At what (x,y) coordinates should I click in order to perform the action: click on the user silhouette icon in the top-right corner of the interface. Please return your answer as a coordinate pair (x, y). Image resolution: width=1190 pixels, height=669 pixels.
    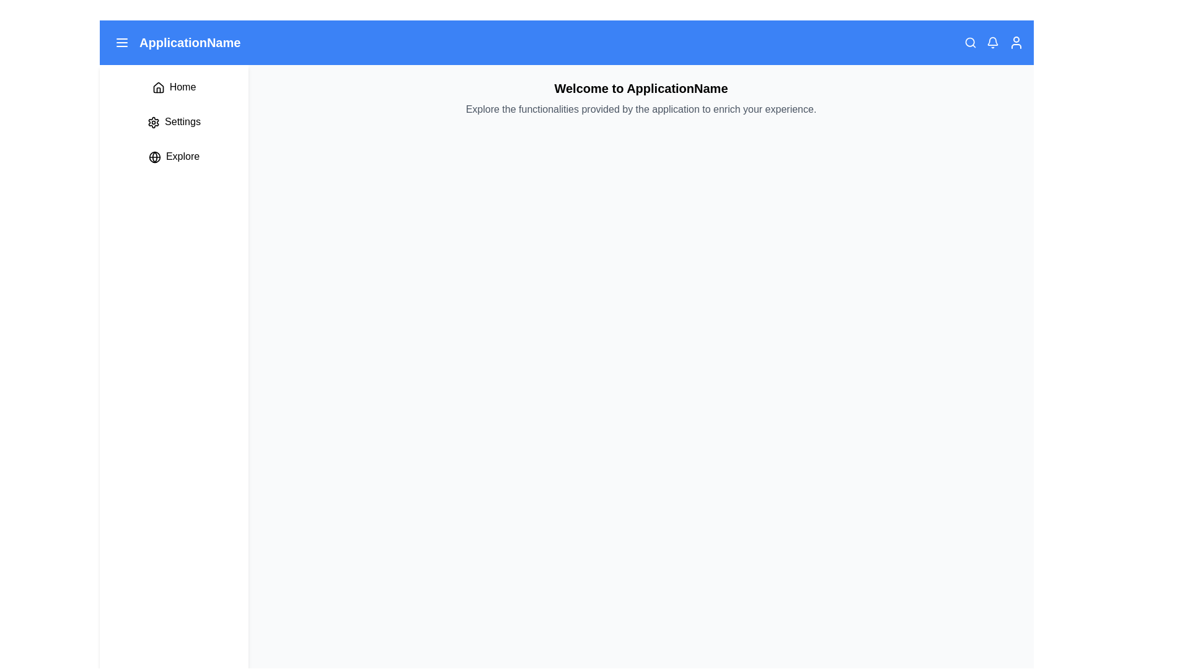
    Looking at the image, I should click on (1016, 42).